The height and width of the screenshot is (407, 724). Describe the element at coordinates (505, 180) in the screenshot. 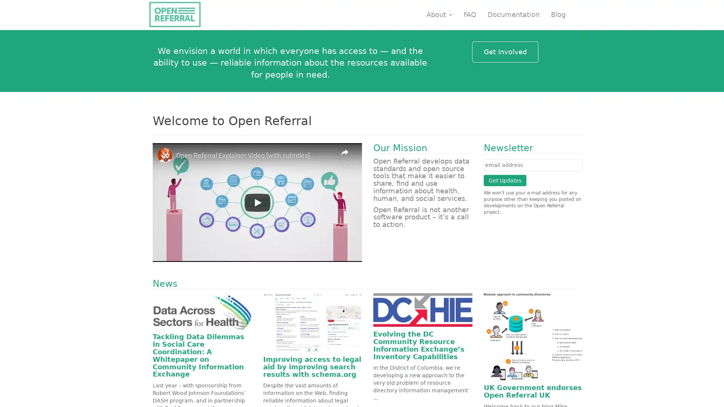

I see `Get Updates` at that location.